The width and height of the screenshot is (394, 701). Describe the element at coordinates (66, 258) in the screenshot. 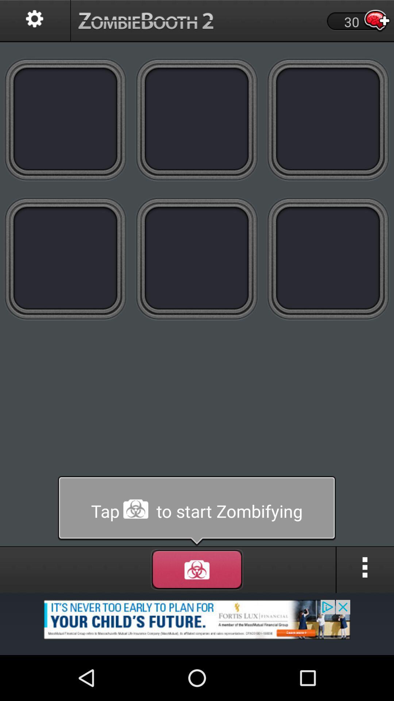

I see `saved slots` at that location.